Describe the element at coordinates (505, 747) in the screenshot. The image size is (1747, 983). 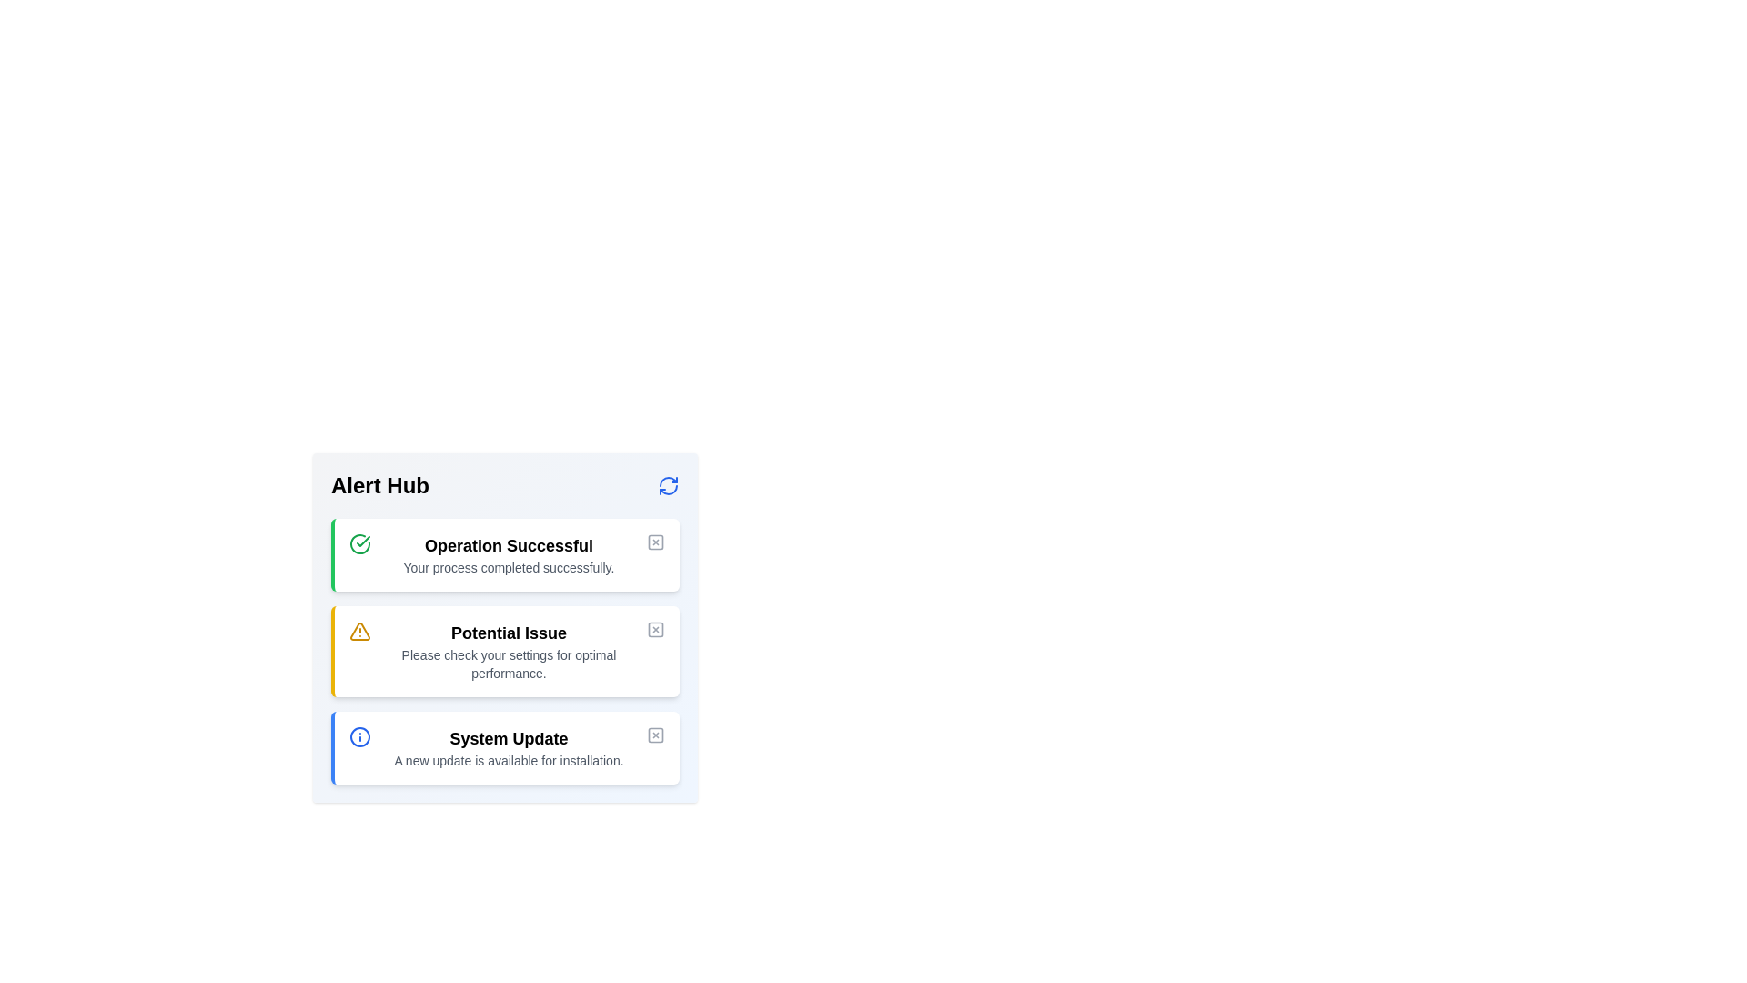
I see `message on the third notification card located in the 'Alert Hub' section, which informs the user about a system update and has a dismissible interaction option` at that location.